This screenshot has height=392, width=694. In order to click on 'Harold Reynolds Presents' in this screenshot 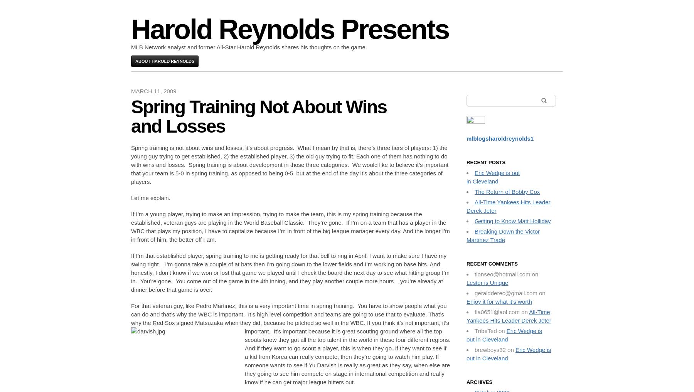, I will do `click(290, 29)`.